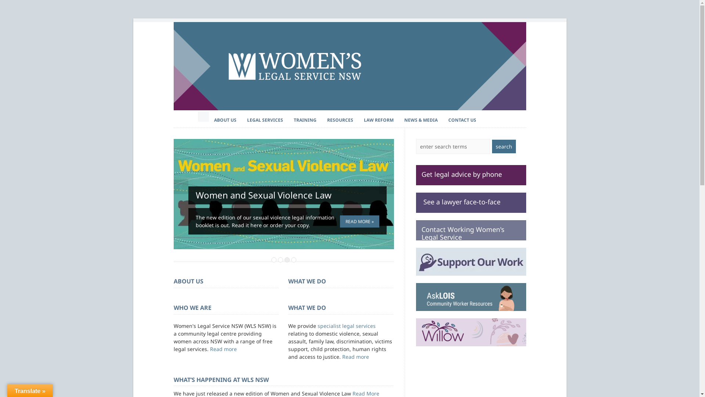 The height and width of the screenshot is (397, 705). I want to click on 'NEWS & MEDIA', so click(421, 120).